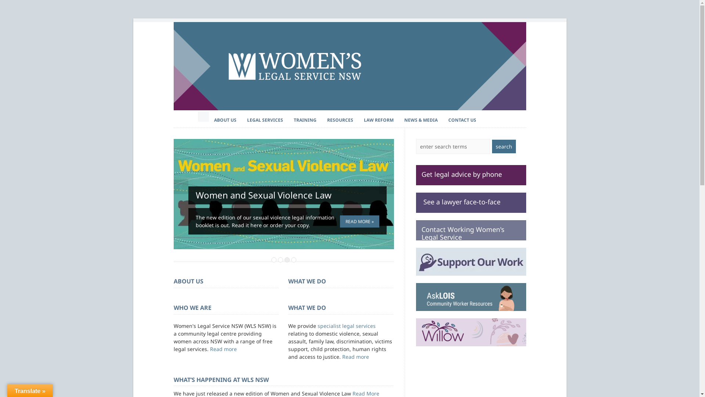 The height and width of the screenshot is (397, 705). I want to click on 'NEWS & MEDIA', so click(421, 120).